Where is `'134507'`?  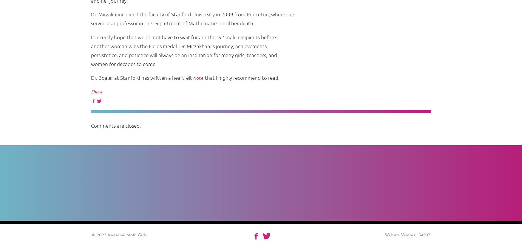 '134507' is located at coordinates (423, 235).